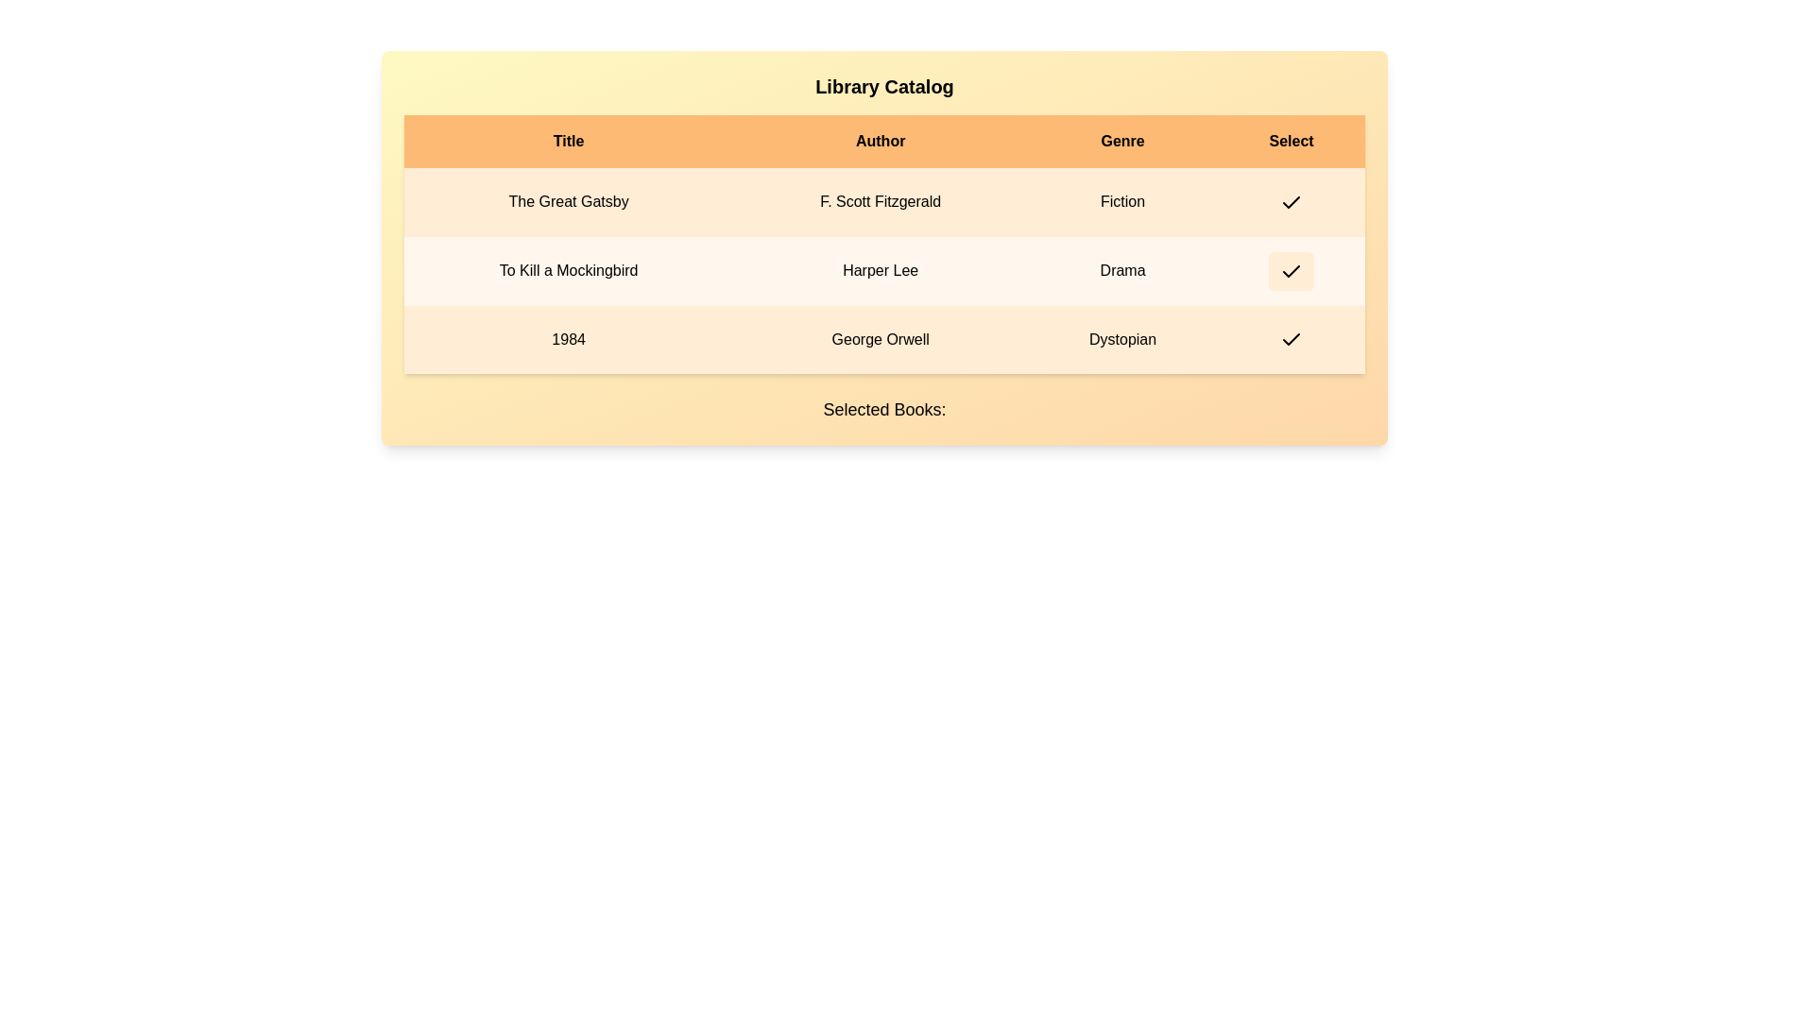  What do you see at coordinates (880, 202) in the screenshot?
I see `the author's name displayed in the second column of the first row of the book catalog table, which is located between 'The Great Gatsby' and 'Fiction'` at bounding box center [880, 202].